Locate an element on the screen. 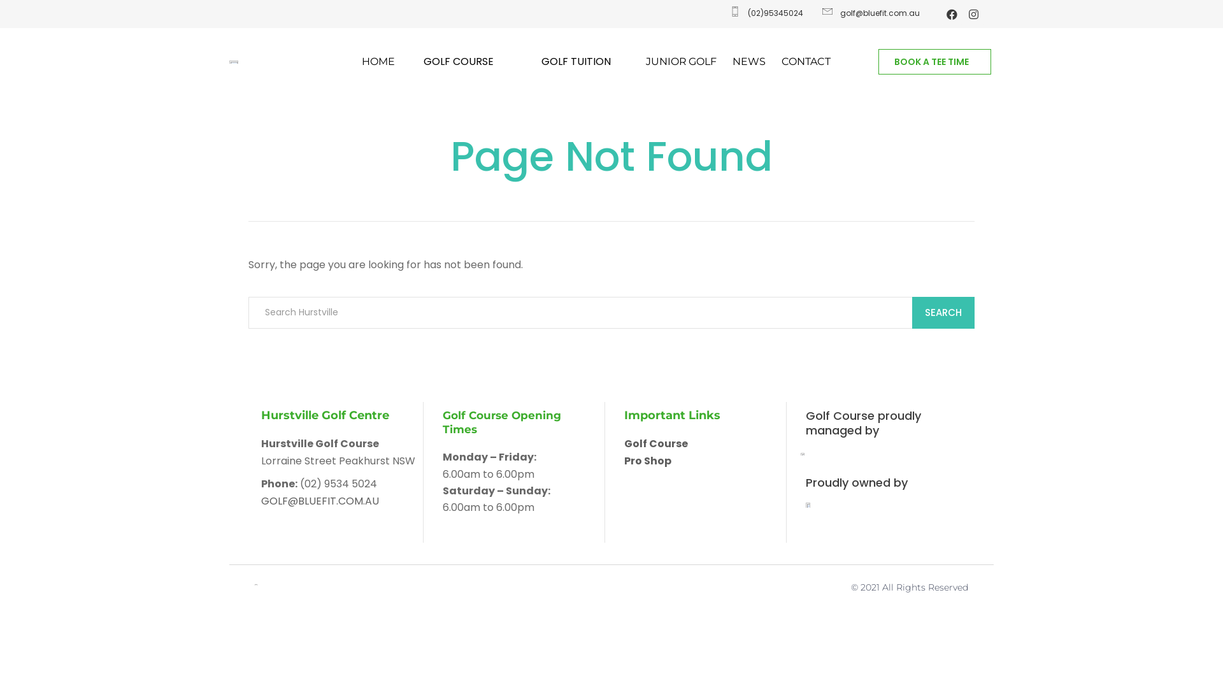 Image resolution: width=1223 pixels, height=688 pixels. 'NEWS' is located at coordinates (749, 61).